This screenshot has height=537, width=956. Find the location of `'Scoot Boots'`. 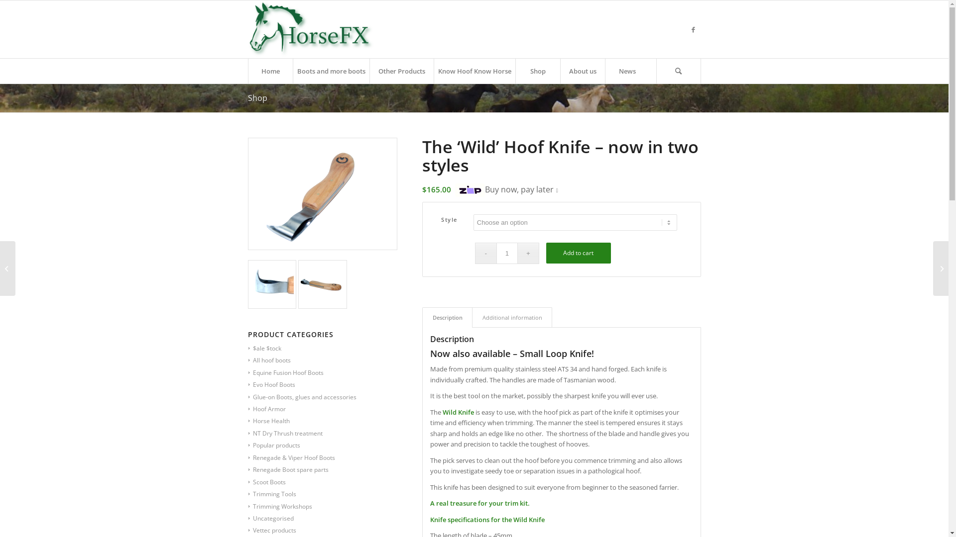

'Scoot Boots' is located at coordinates (266, 481).